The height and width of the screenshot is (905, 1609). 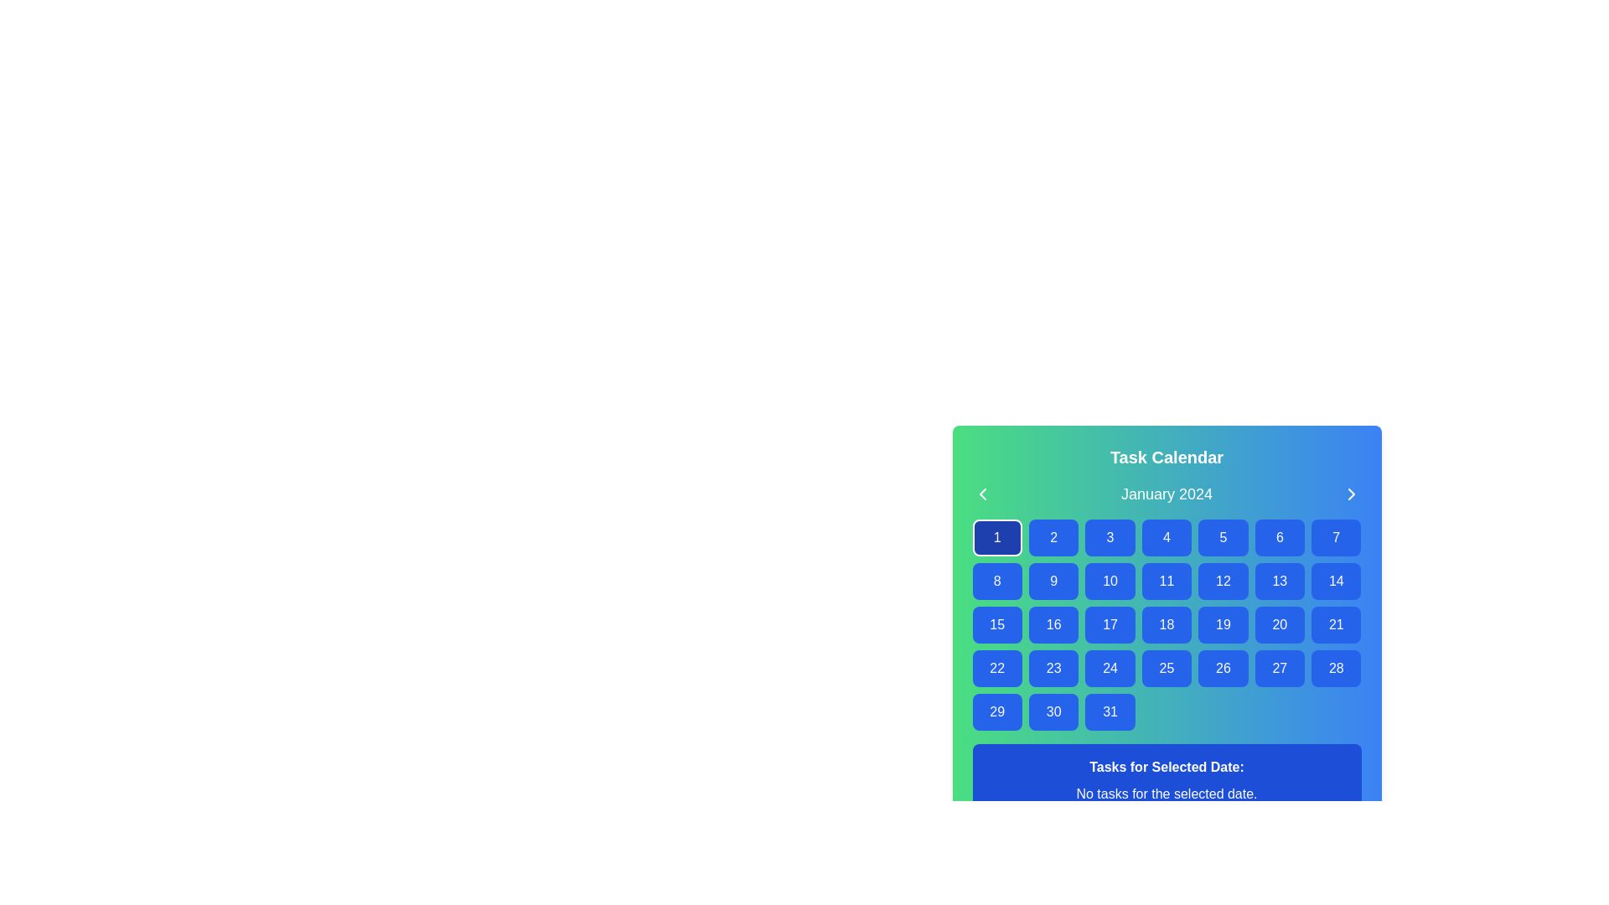 I want to click on the button displaying '21' in white text on a vibrant blue background located in the third row and seventh column of the calendar grid, so click(x=1335, y=624).